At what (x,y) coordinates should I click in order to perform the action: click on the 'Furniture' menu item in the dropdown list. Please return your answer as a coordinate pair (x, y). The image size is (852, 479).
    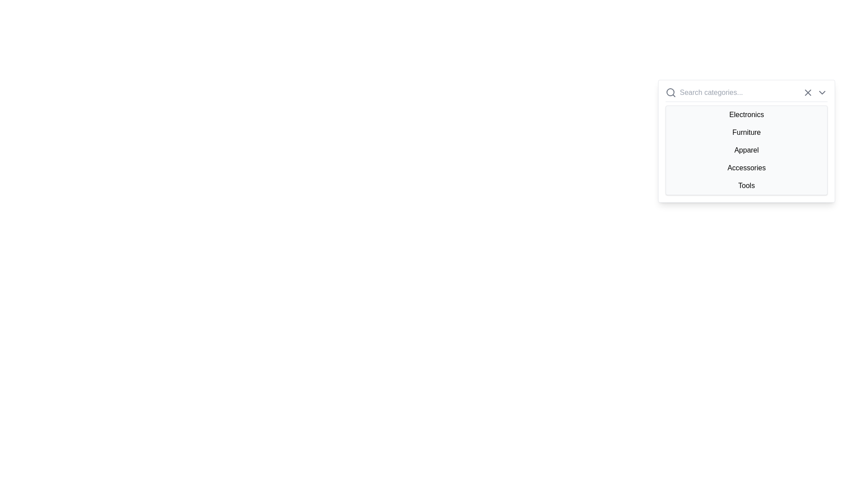
    Looking at the image, I should click on (746, 133).